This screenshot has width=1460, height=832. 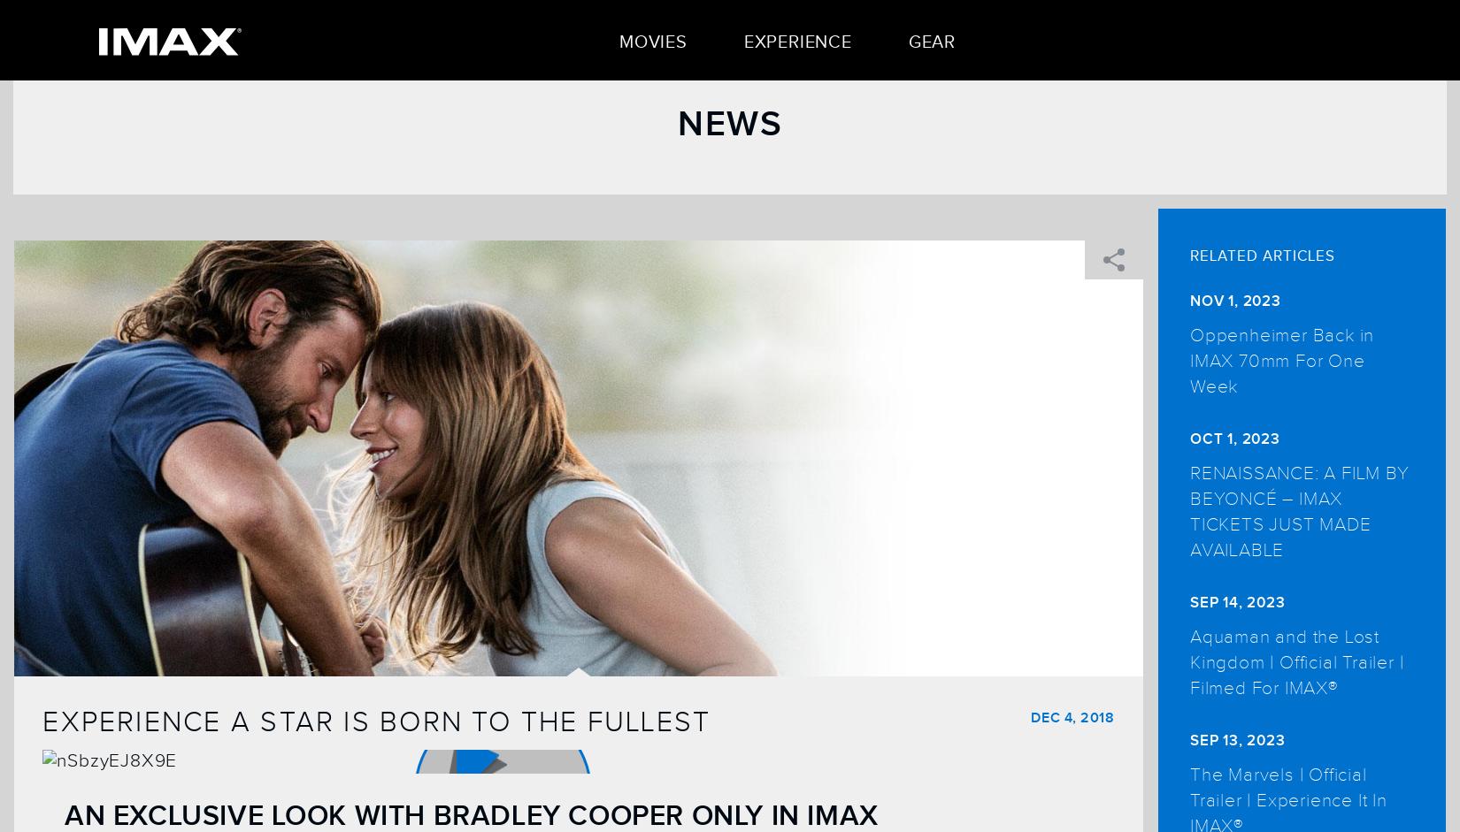 I want to click on 'Sep 13, 2023', so click(x=1236, y=739).